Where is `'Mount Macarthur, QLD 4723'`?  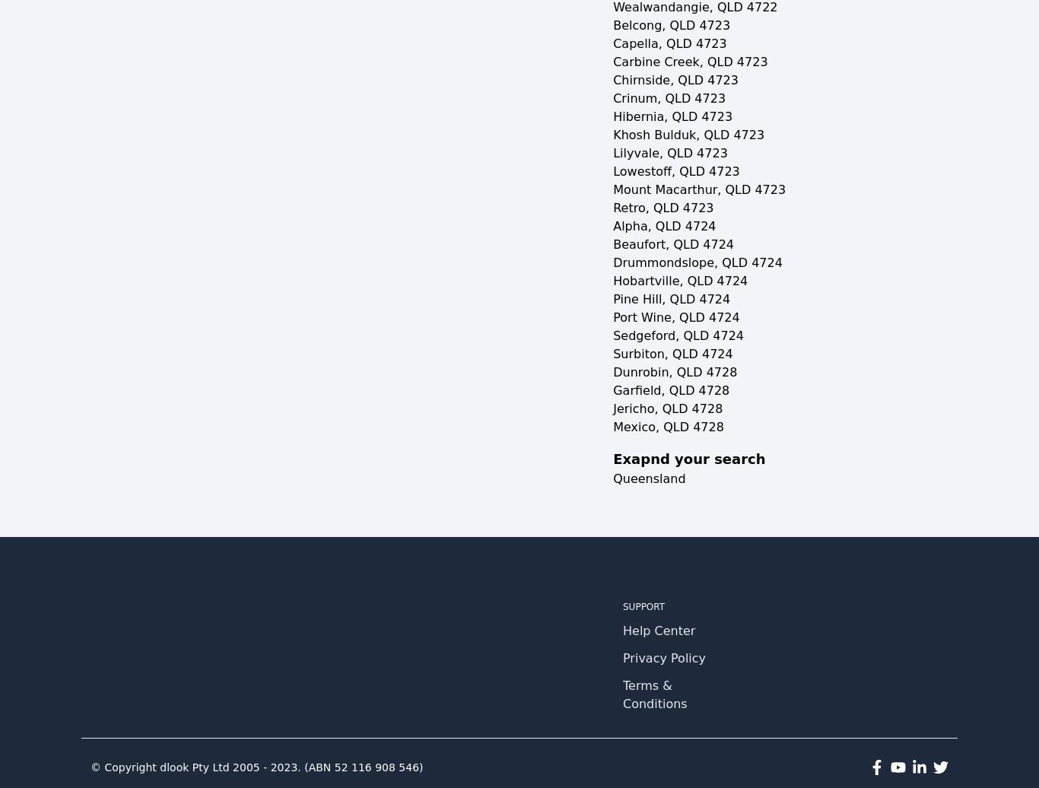 'Mount Macarthur, QLD 4723' is located at coordinates (699, 189).